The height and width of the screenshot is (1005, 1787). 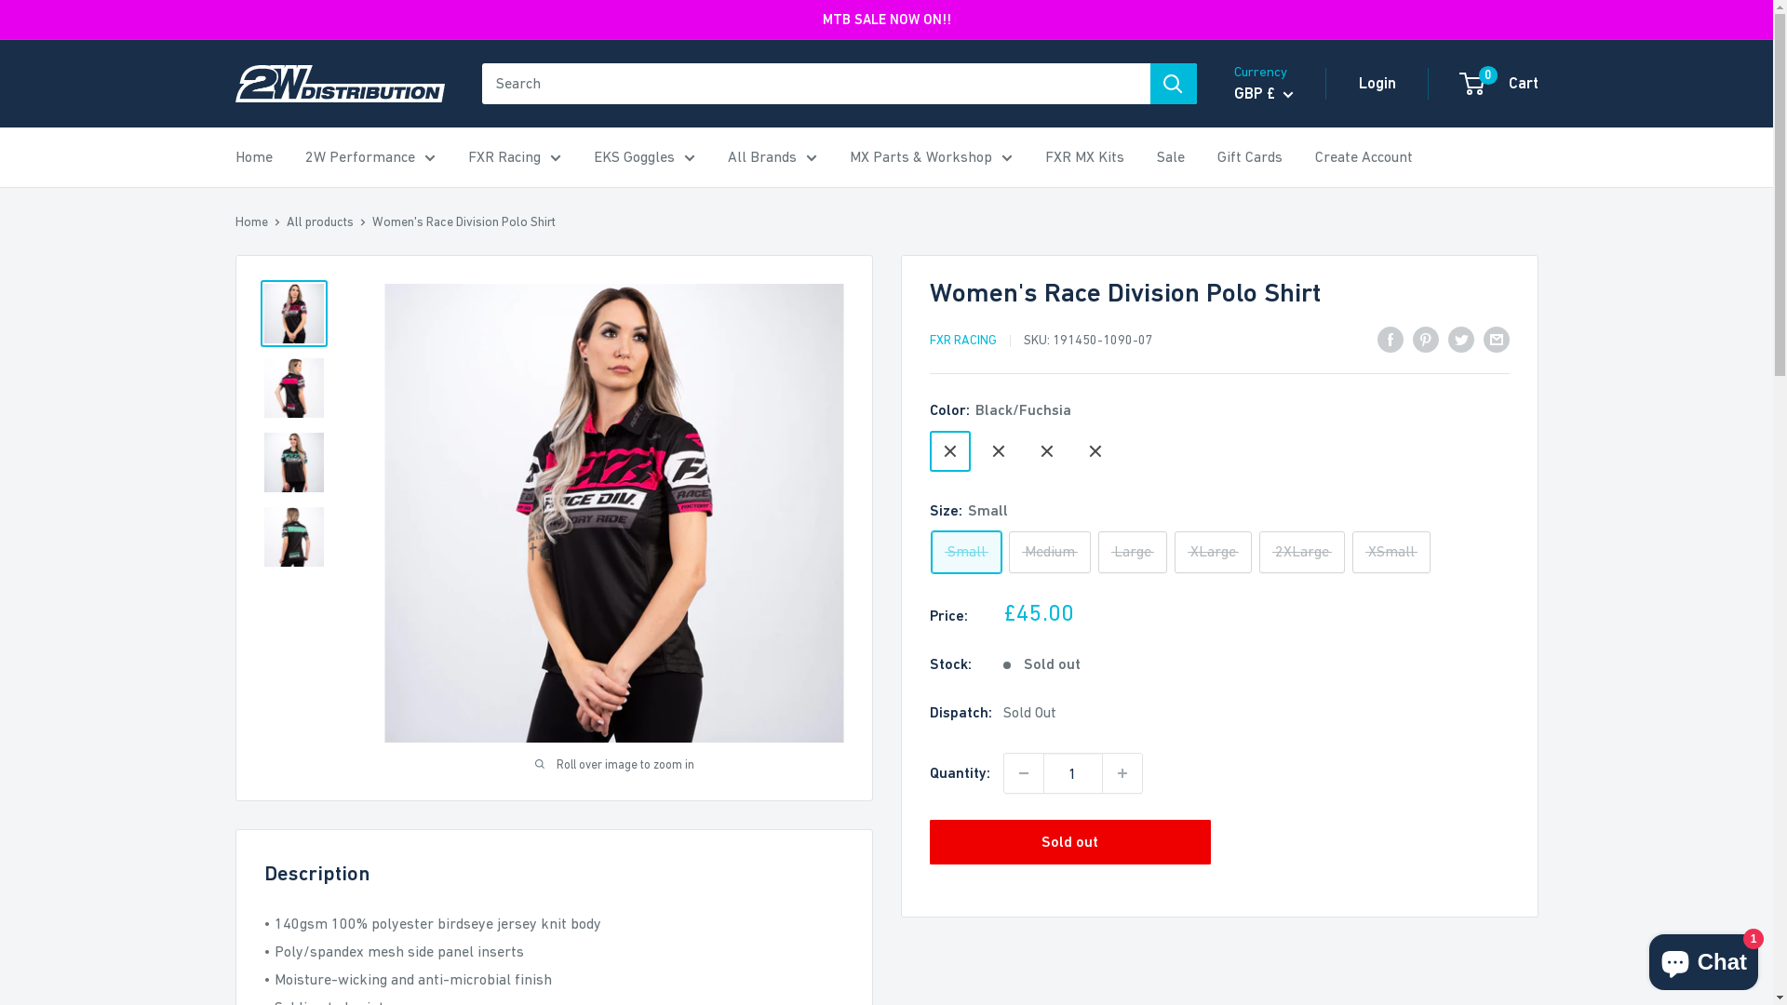 I want to click on '2W Performance', so click(x=370, y=156).